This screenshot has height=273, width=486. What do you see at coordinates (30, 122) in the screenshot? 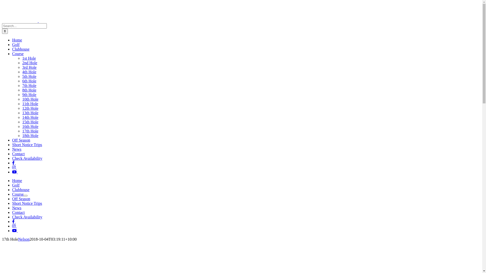
I see `'15th Hole'` at bounding box center [30, 122].